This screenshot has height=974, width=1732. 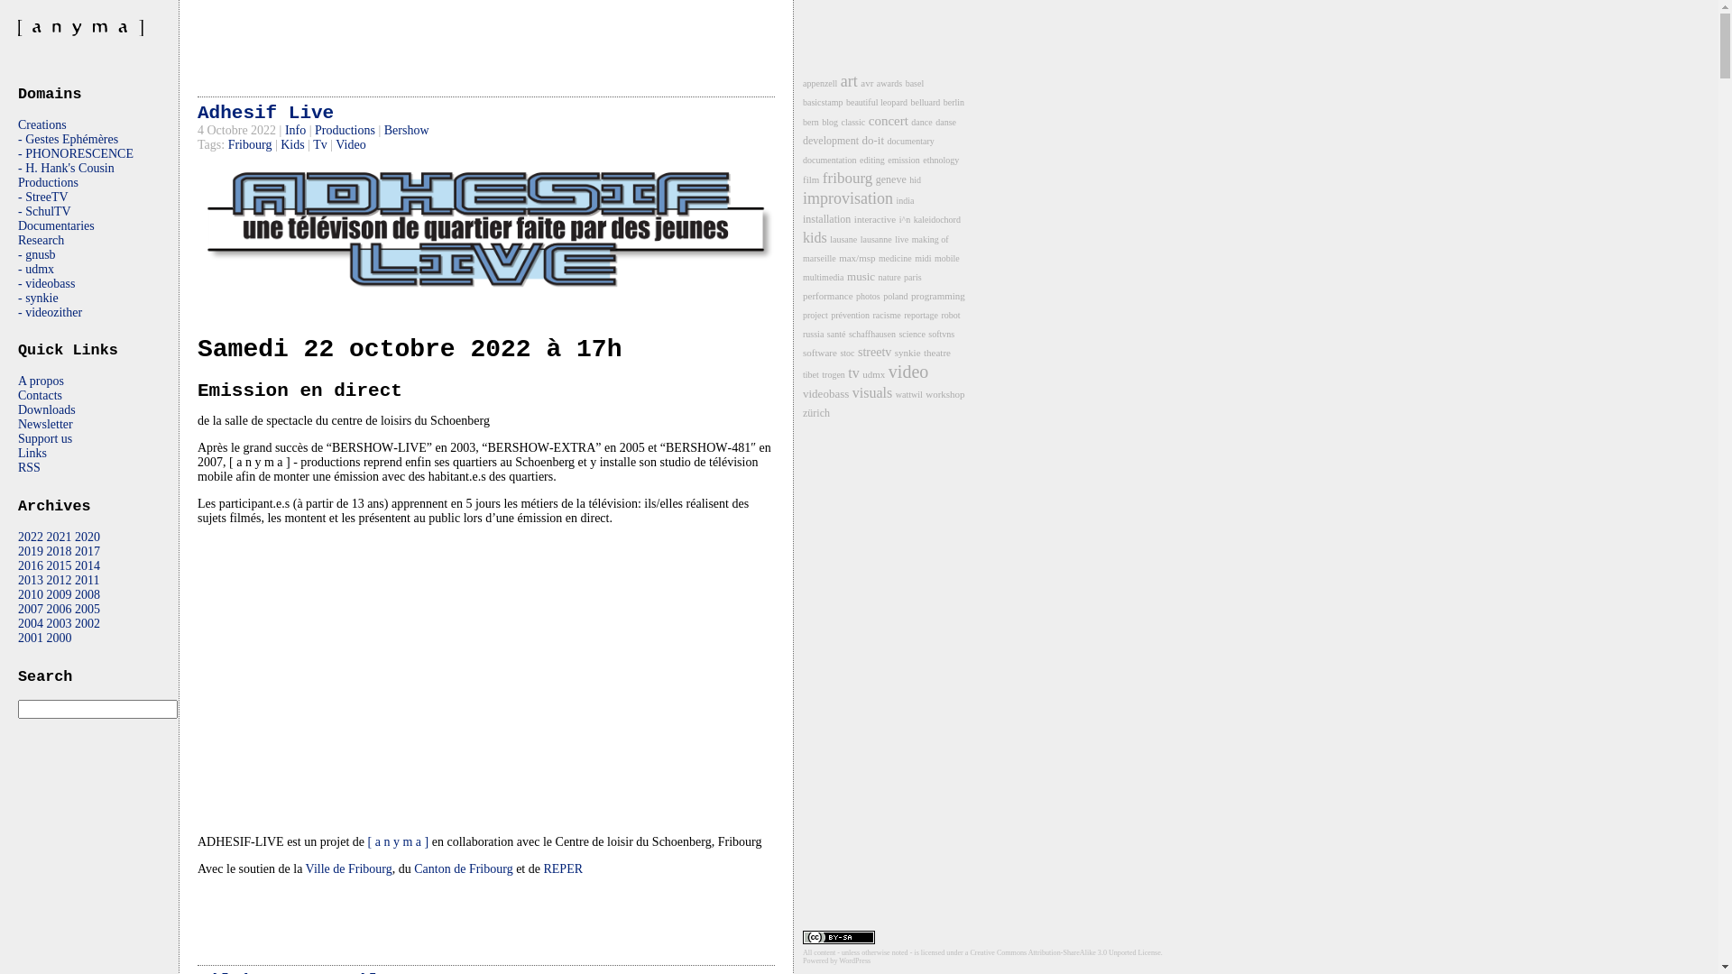 What do you see at coordinates (905, 200) in the screenshot?
I see `'india'` at bounding box center [905, 200].